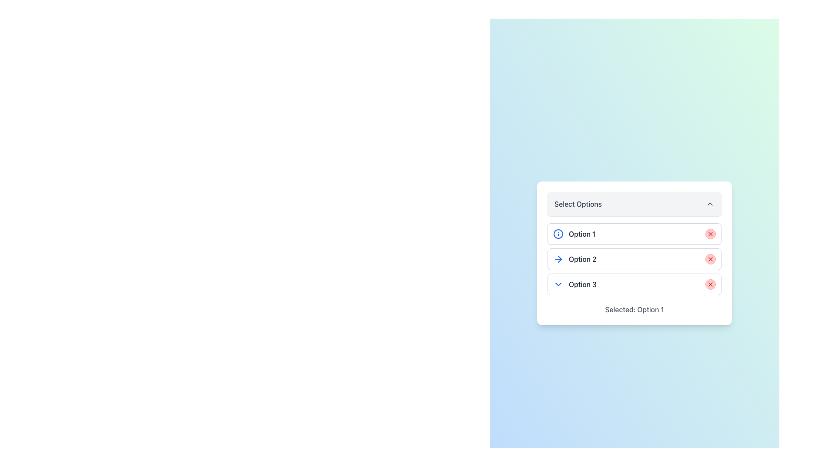  Describe the element at coordinates (710, 284) in the screenshot. I see `the delete icon button located in the third row of the dropdown panel` at that location.